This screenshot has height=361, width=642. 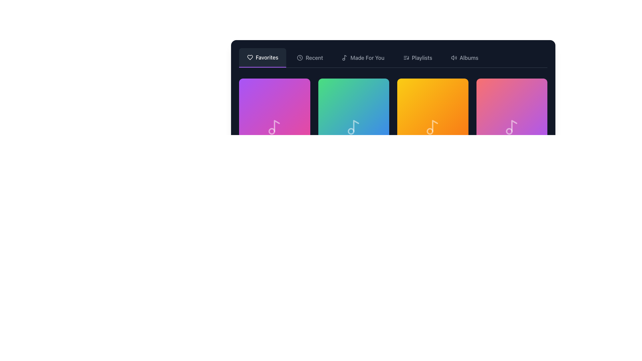 What do you see at coordinates (455, 129) in the screenshot?
I see `the circular button rendered within the SVG, which is located in the second row and third column of the grid layout with an orange background` at bounding box center [455, 129].